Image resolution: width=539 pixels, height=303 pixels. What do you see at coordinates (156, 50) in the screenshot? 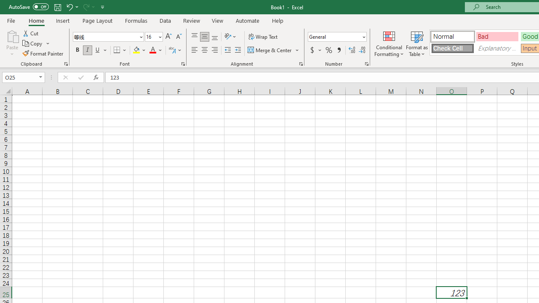
I see `'Font Color'` at bounding box center [156, 50].